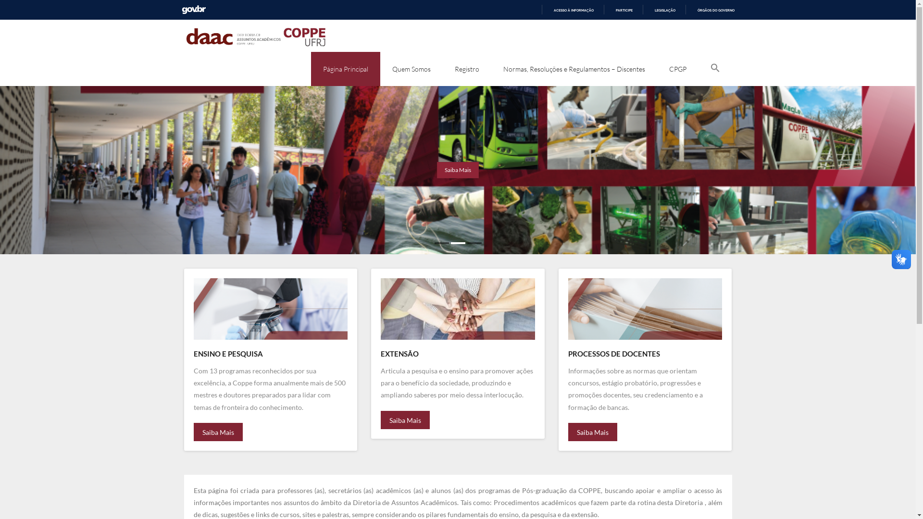 The width and height of the screenshot is (923, 519). I want to click on 'GOVBR', so click(193, 9).